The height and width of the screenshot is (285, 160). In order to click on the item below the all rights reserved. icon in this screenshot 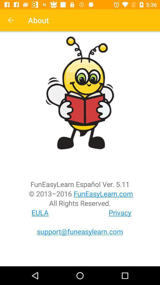, I will do `click(40, 213)`.